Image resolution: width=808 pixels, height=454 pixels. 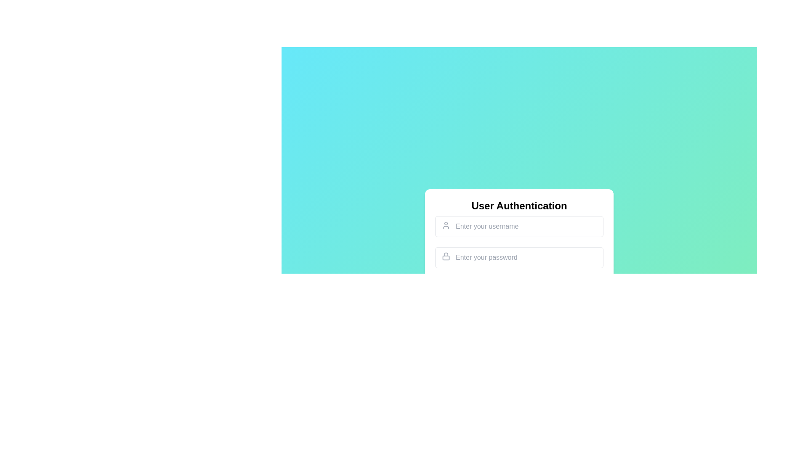 I want to click on the minimalist gray lock icon located on the left side of the password input field, so click(x=446, y=256).